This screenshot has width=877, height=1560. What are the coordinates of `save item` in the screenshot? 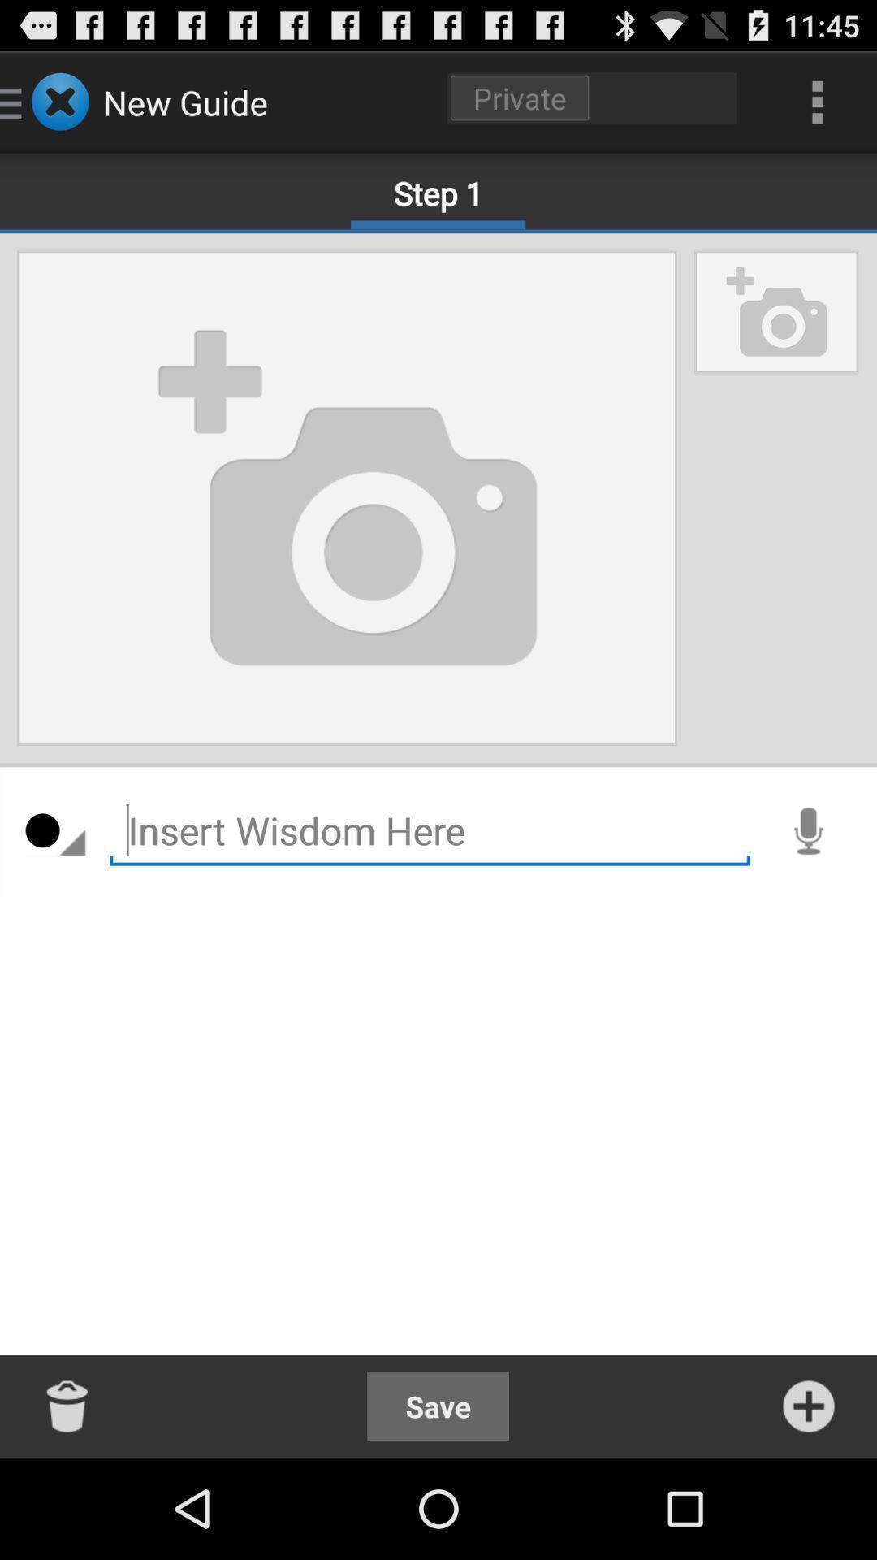 It's located at (437, 1406).